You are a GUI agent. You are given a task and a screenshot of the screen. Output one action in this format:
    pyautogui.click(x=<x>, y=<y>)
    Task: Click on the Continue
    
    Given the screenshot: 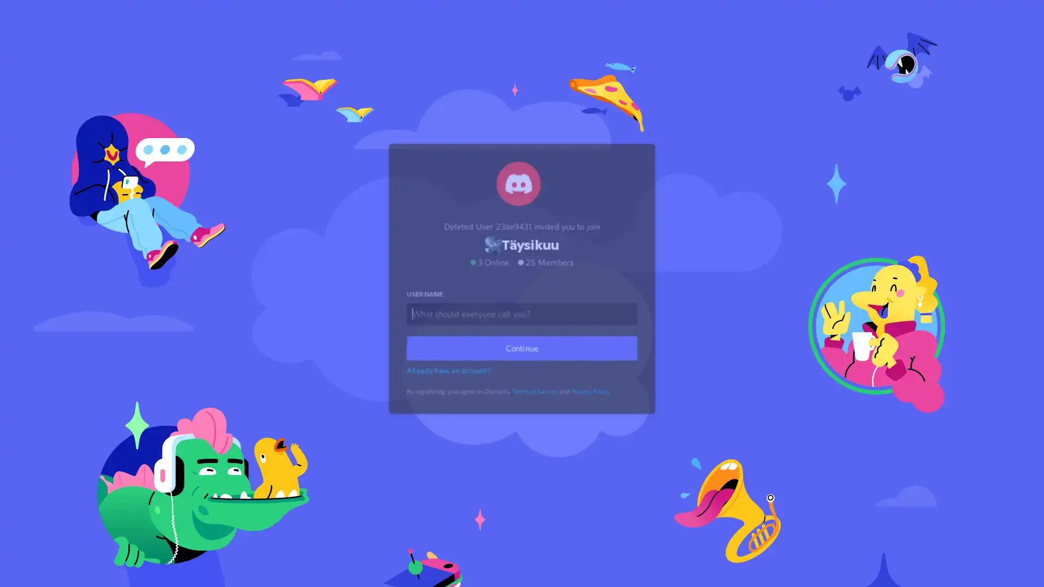 What is the action you would take?
    pyautogui.click(x=522, y=361)
    